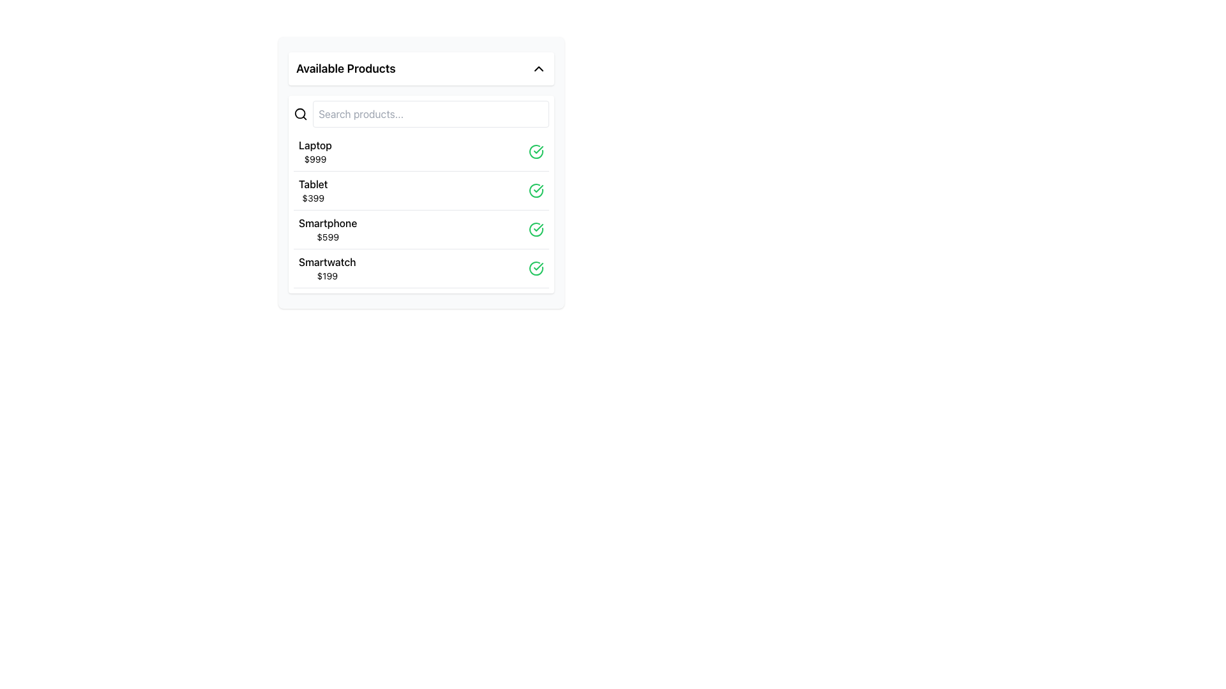 This screenshot has width=1226, height=689. What do you see at coordinates (299, 113) in the screenshot?
I see `the search icon that represents the search function, located to the left of the search input box and aligned with the label 'Search products...'` at bounding box center [299, 113].